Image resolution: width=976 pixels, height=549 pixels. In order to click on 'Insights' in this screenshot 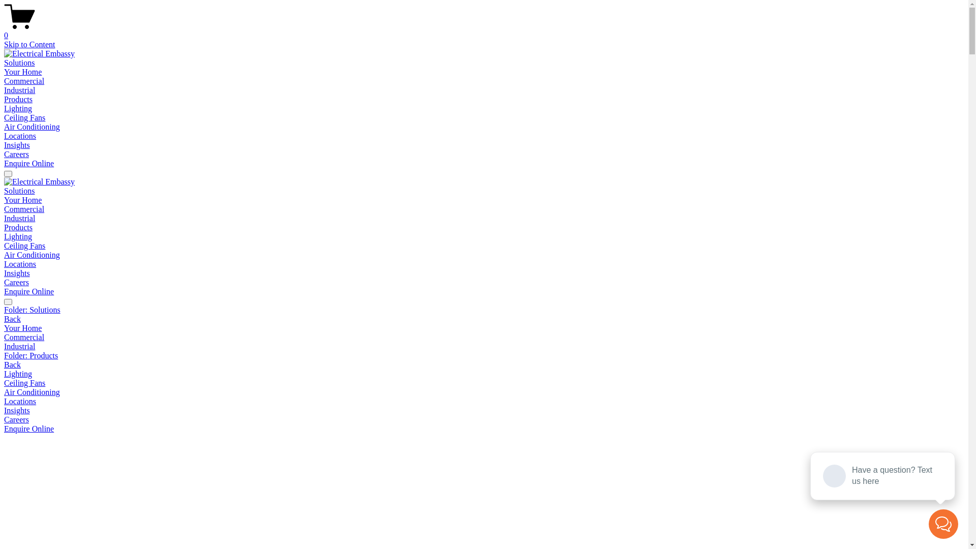, I will do `click(17, 145)`.